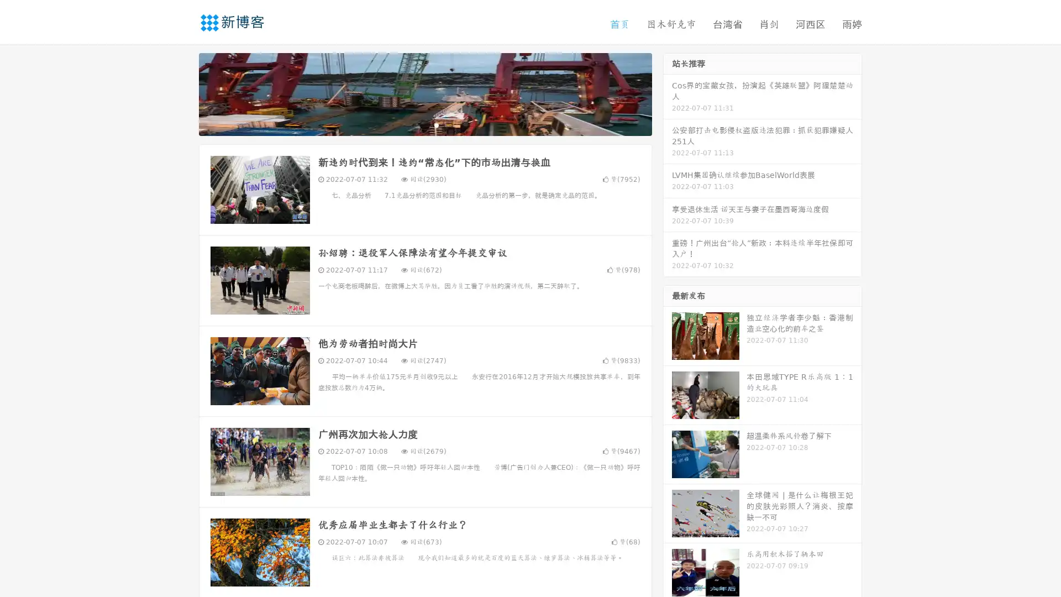 The height and width of the screenshot is (597, 1061). What do you see at coordinates (182, 93) in the screenshot?
I see `Previous slide` at bounding box center [182, 93].